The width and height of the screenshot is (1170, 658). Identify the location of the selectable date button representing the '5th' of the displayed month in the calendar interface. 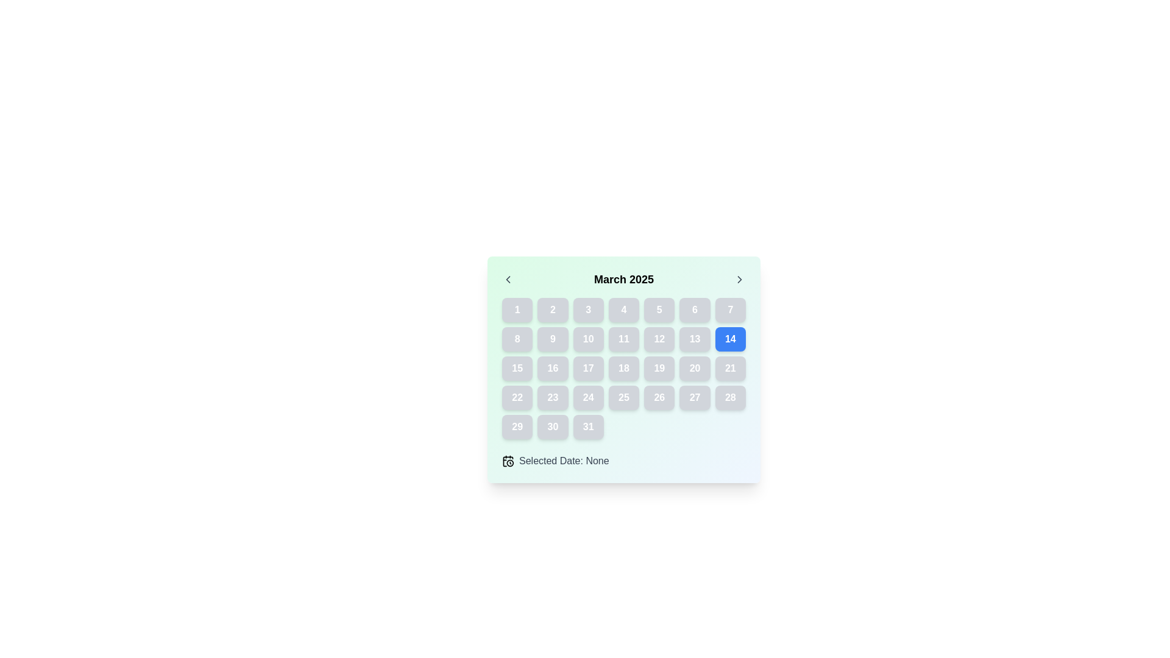
(659, 310).